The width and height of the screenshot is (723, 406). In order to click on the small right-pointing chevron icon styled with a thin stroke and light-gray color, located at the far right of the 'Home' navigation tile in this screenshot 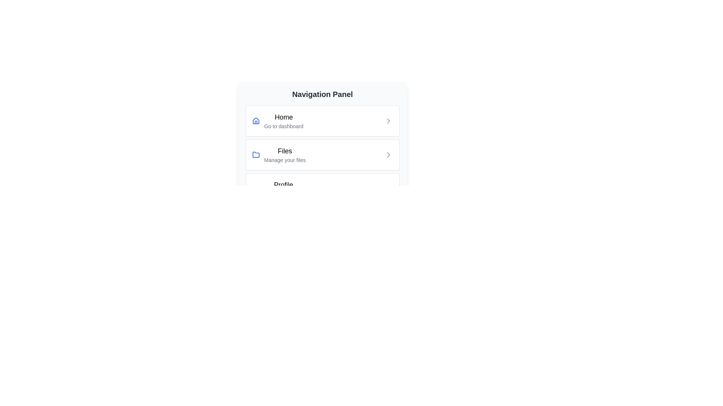, I will do `click(388, 120)`.